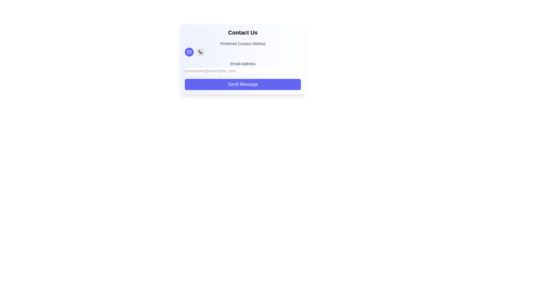 This screenshot has width=536, height=301. I want to click on the phone icon, which features a curved handle-like structure and is located in the 'Preferred Contact Method' section, adjacent to the email icon, so click(200, 52).